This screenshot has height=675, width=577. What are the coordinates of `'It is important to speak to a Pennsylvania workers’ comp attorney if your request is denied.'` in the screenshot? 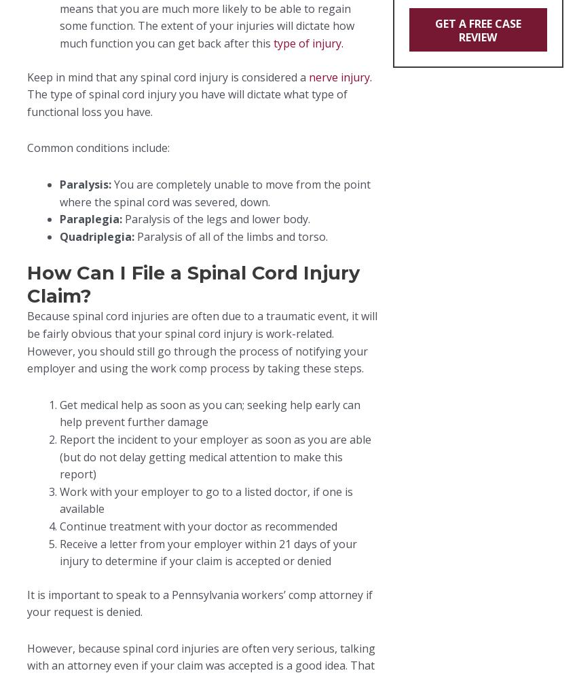 It's located at (199, 602).